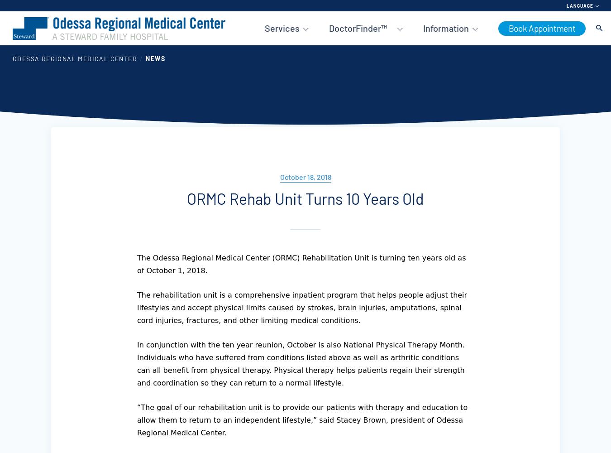  What do you see at coordinates (155, 58) in the screenshot?
I see `'News'` at bounding box center [155, 58].